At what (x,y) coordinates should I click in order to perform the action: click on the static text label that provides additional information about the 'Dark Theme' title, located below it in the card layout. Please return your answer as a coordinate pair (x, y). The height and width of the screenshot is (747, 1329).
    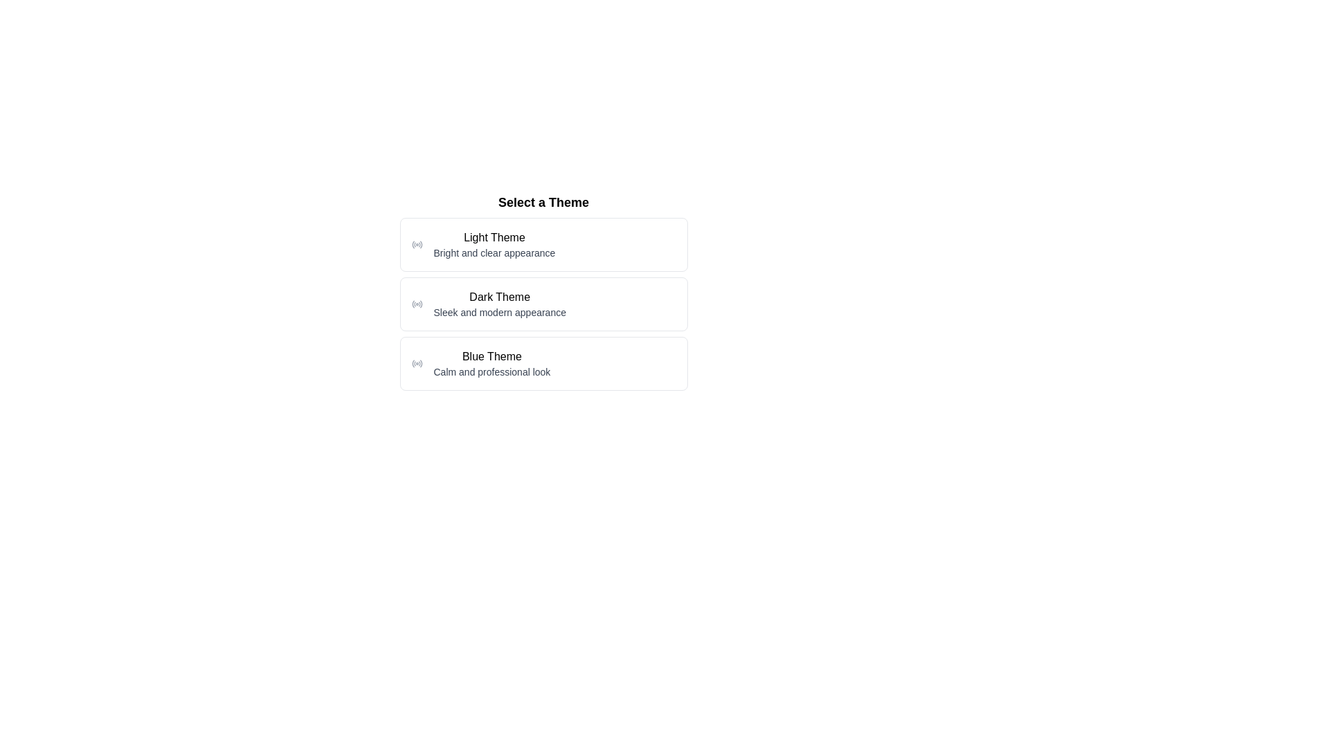
    Looking at the image, I should click on (499, 312).